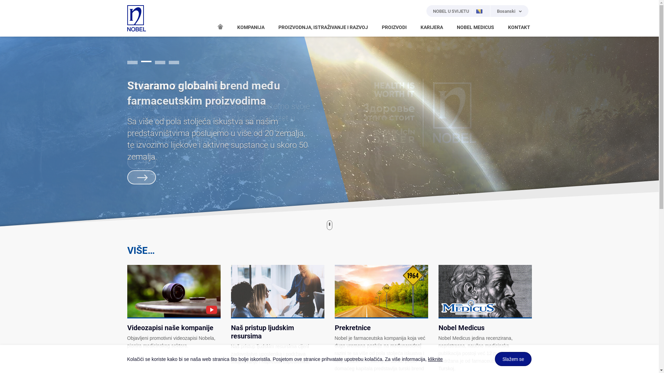 The image size is (664, 373). What do you see at coordinates (159, 63) in the screenshot?
I see `'3'` at bounding box center [159, 63].